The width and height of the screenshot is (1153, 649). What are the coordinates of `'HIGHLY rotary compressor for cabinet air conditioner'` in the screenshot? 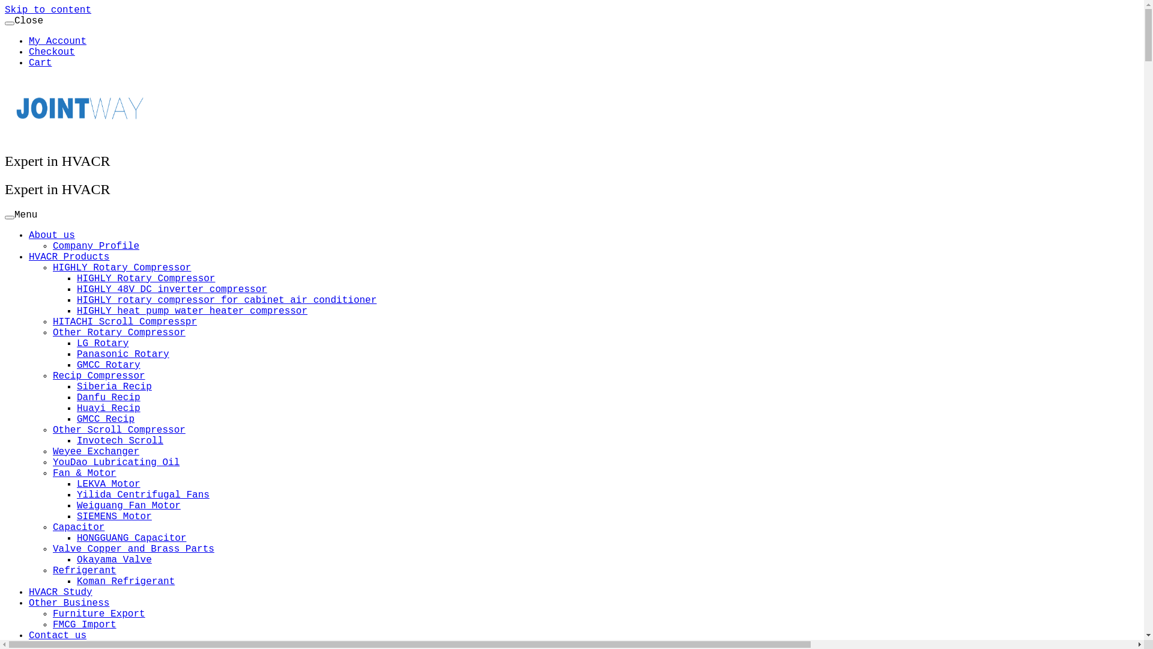 It's located at (226, 300).